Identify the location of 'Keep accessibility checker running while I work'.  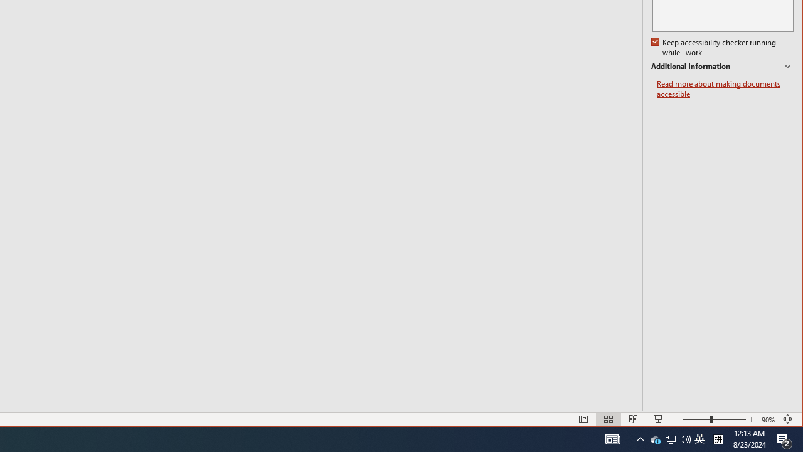
(715, 47).